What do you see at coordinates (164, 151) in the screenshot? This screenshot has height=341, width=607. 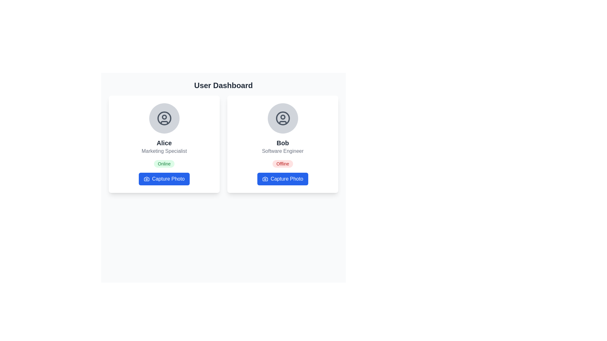 I see `the static text label indicating the professional title or role of 'Alice', which is located under the name 'Alice' and above the status badge 'Online'` at bounding box center [164, 151].